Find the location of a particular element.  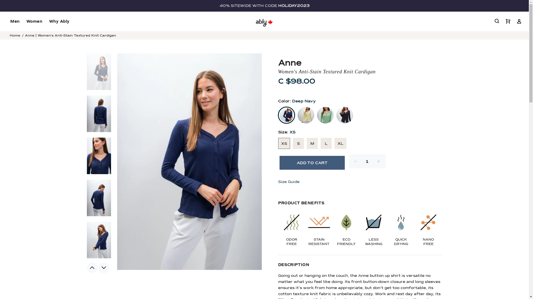

'XS' is located at coordinates (284, 143).